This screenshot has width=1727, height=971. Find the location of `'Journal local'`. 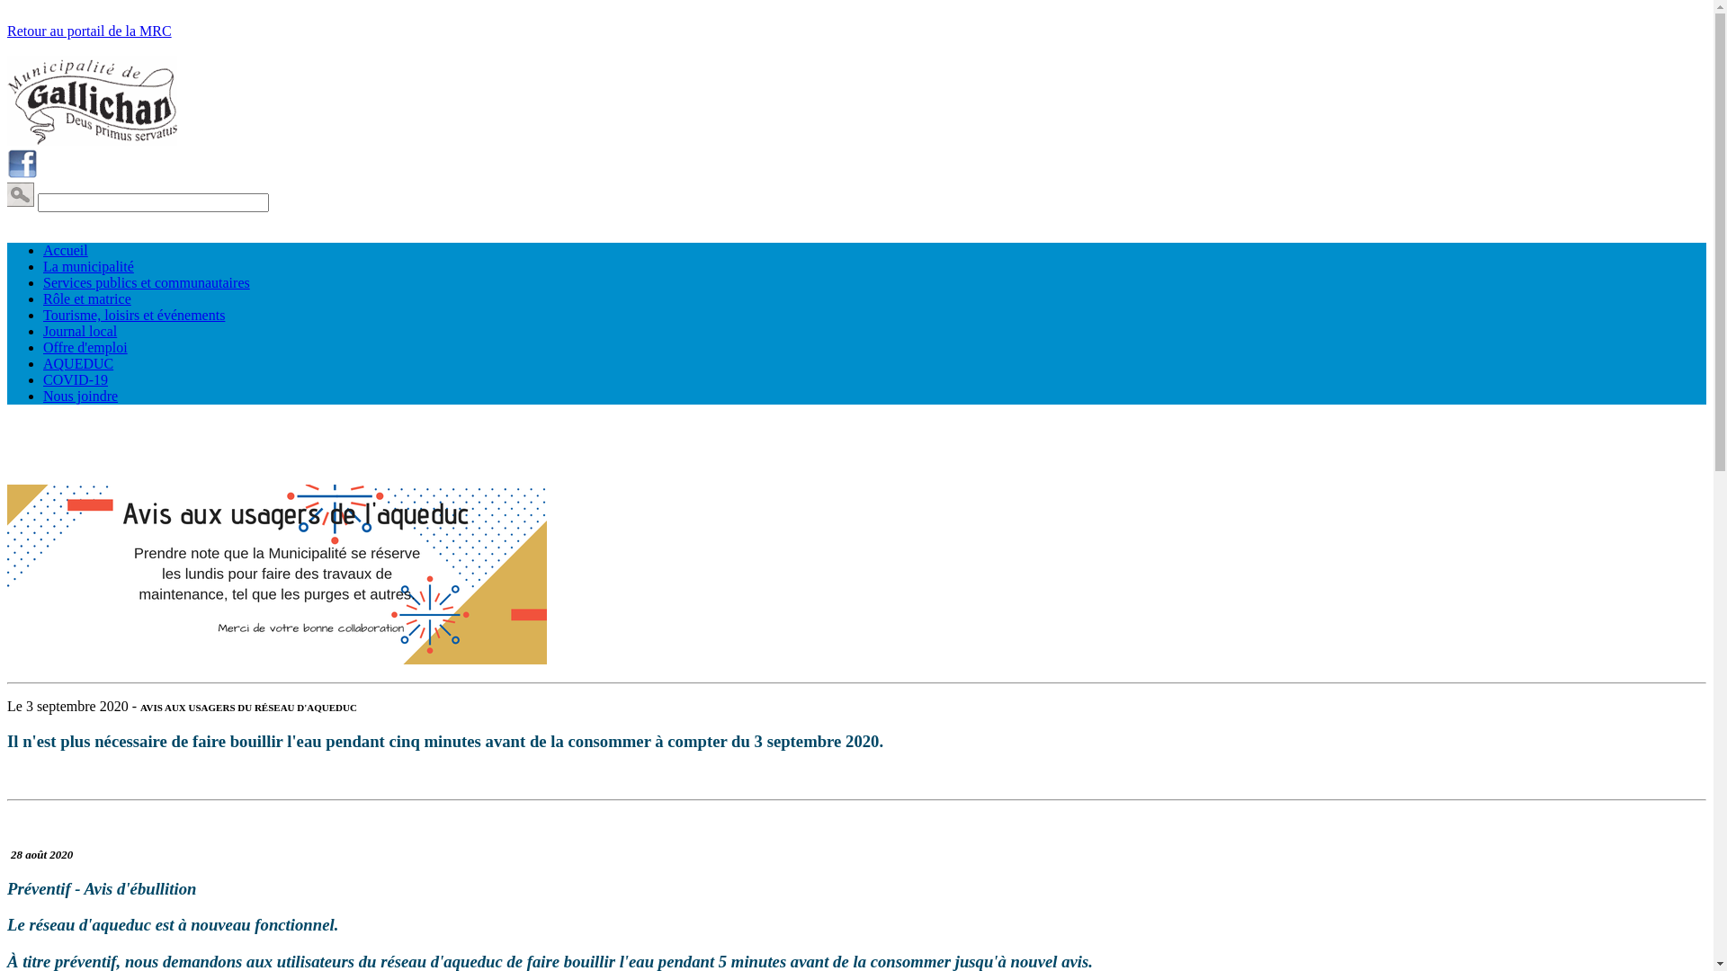

'Journal local' is located at coordinates (79, 331).